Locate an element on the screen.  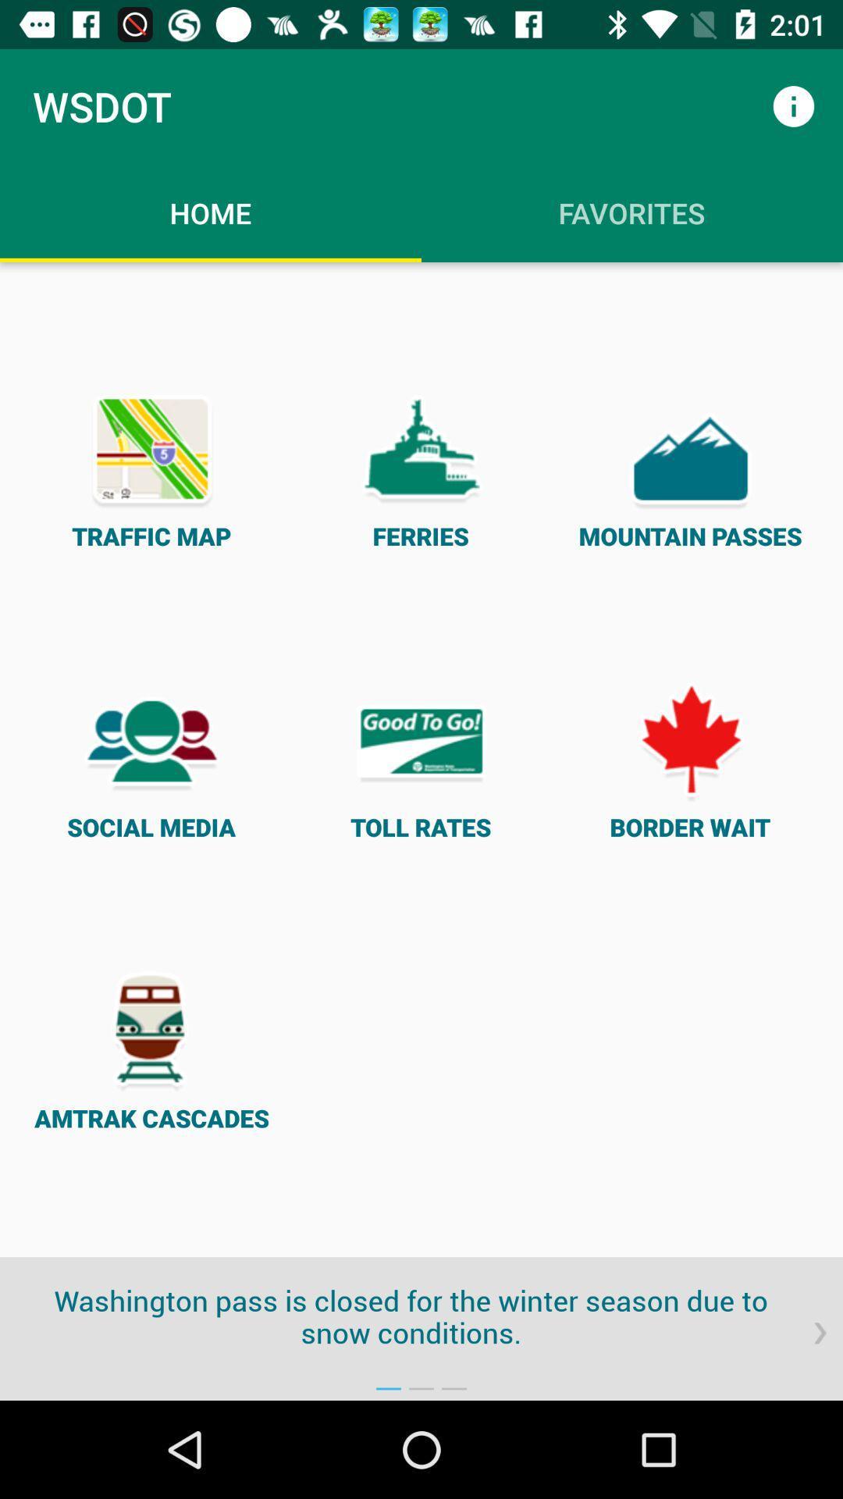
icon next to wsdot item is located at coordinates (794, 105).